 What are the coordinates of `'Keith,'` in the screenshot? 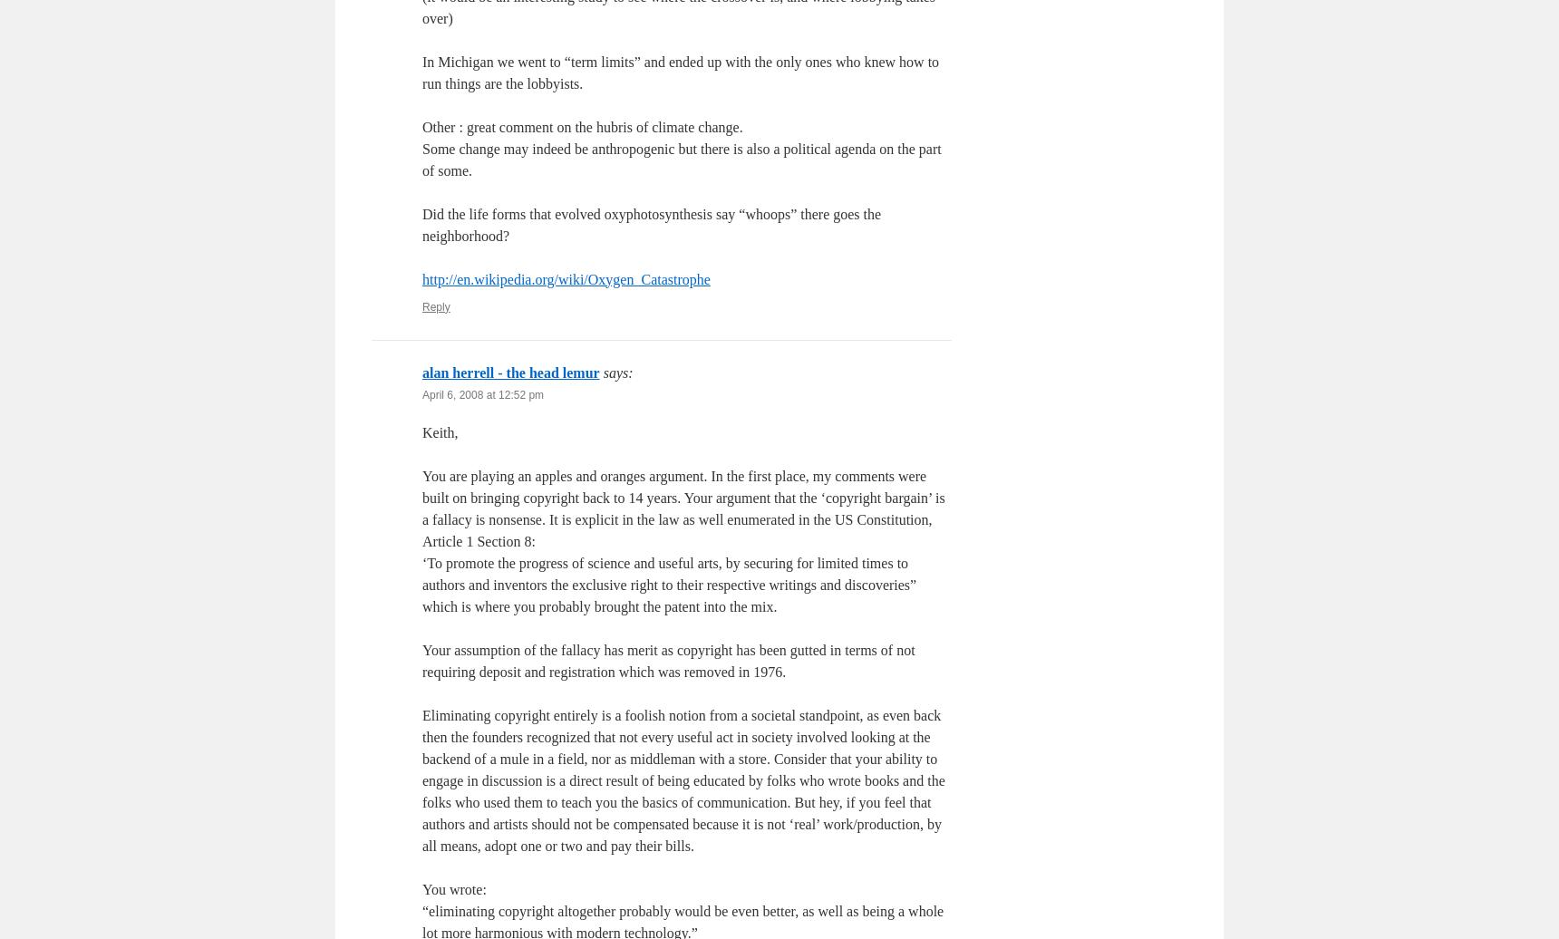 It's located at (439, 431).